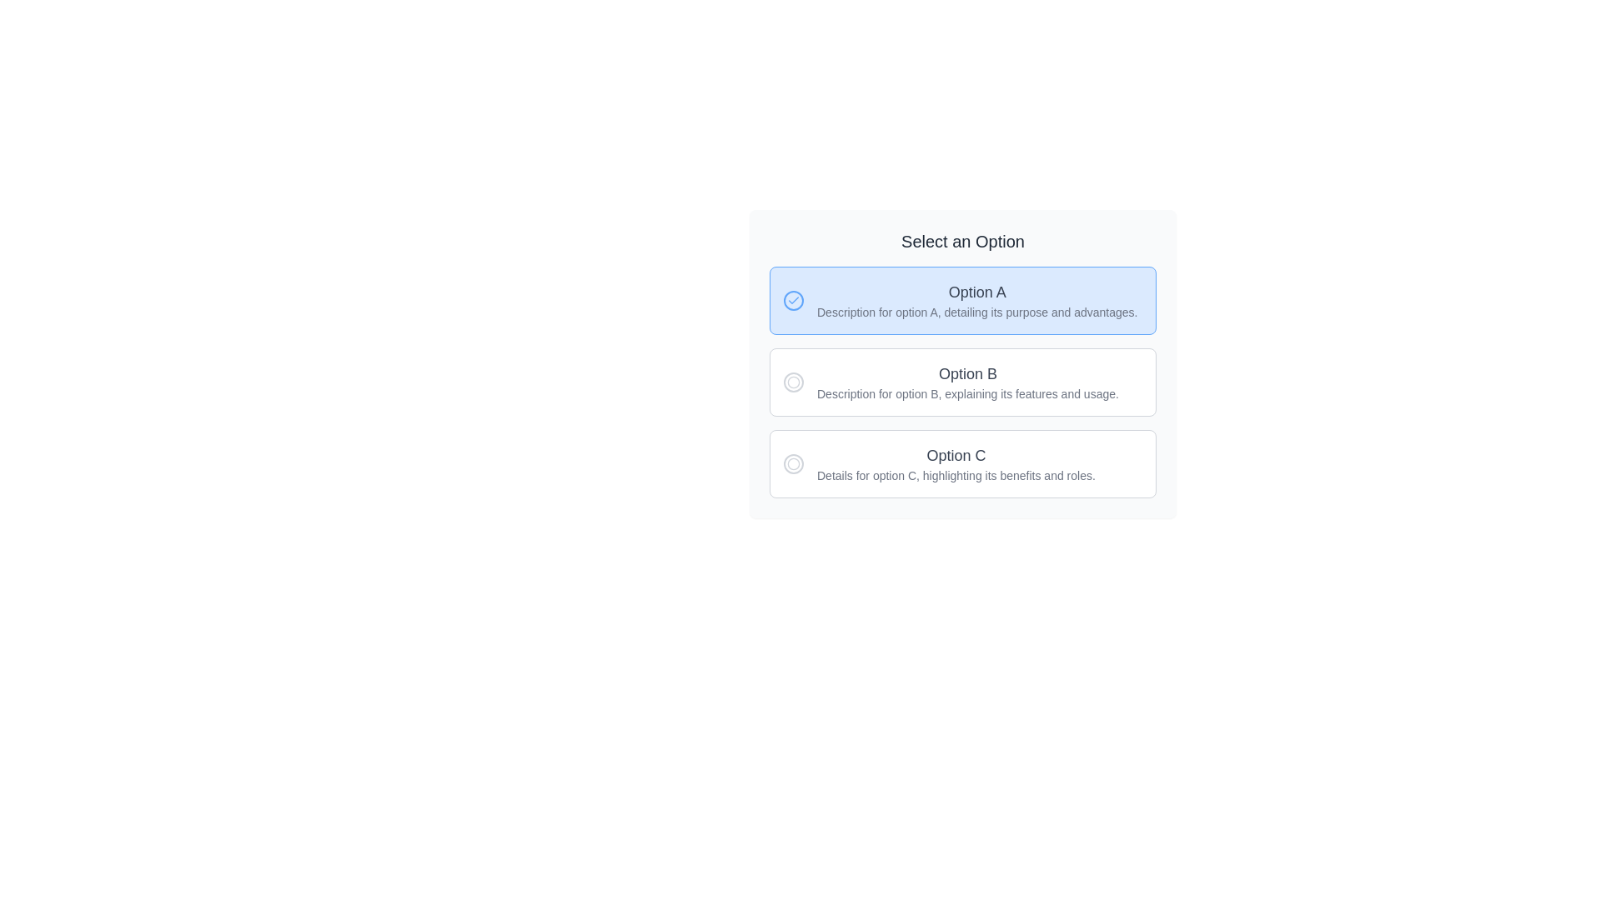 This screenshot has width=1601, height=900. Describe the element at coordinates (956, 475) in the screenshot. I see `the text block that provides descriptive information for 'Option C', located directly beneath the 'Option C' title within the third option entry` at that location.